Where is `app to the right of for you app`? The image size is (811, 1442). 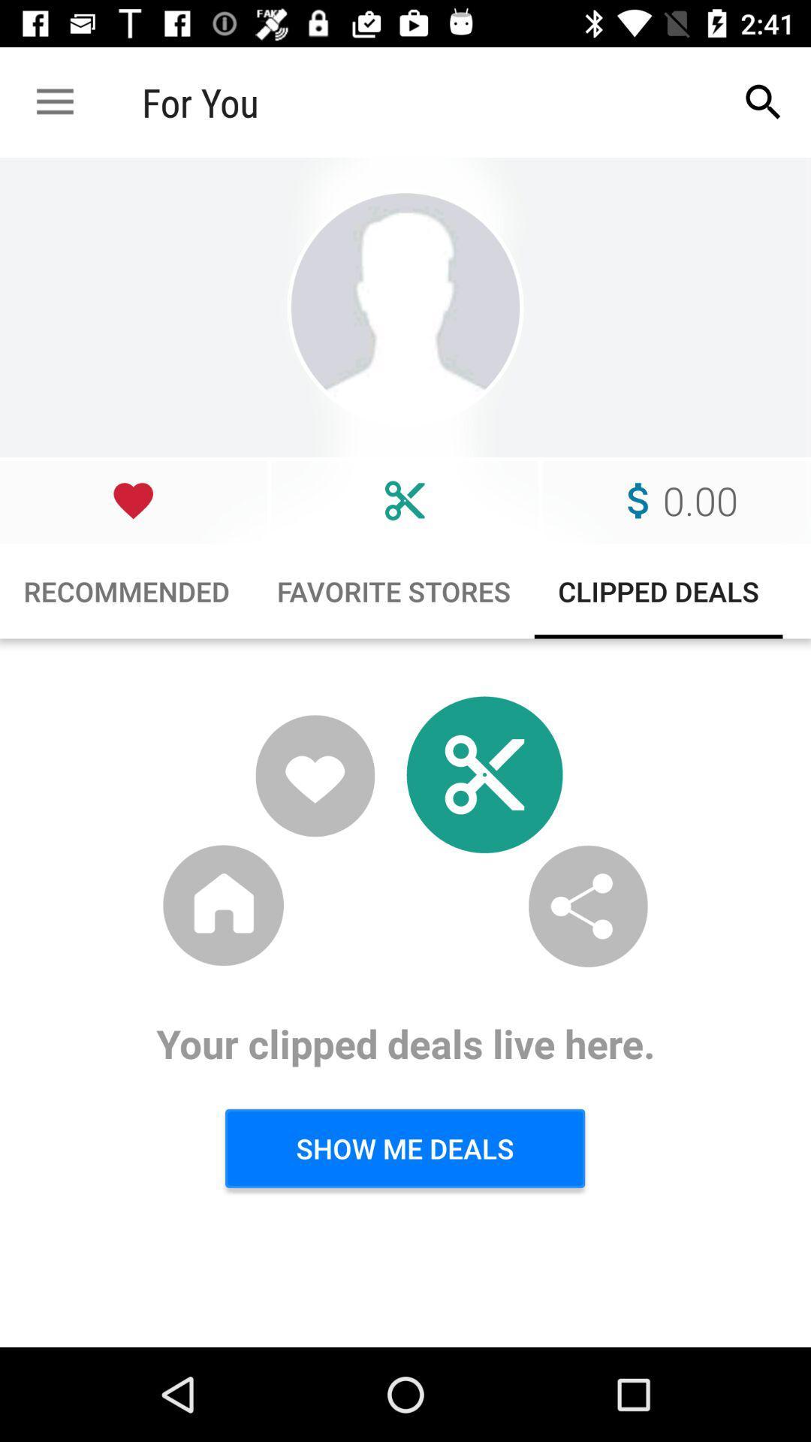 app to the right of for you app is located at coordinates (764, 101).